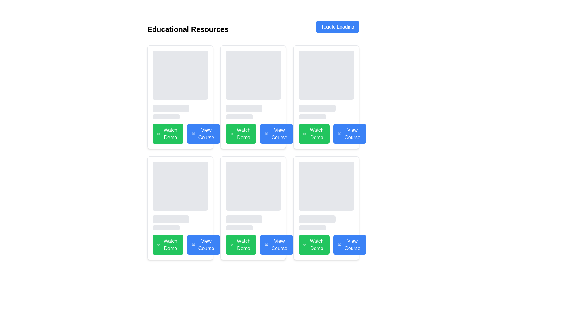 The width and height of the screenshot is (588, 331). I want to click on the small video icon within the green 'Watch Demo' button, located in the bottom buttons row of the third card in the second row of the grid layout, so click(232, 244).